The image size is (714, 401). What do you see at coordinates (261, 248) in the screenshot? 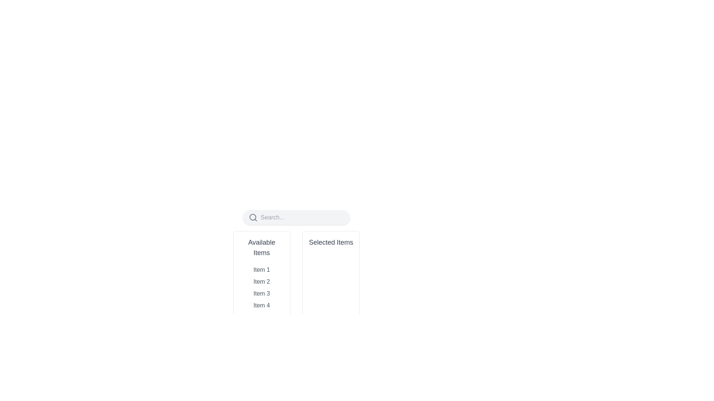
I see `the text label heading displaying 'Available Items', which is bold, larger, and gray, located at the top of the item list panel` at bounding box center [261, 248].